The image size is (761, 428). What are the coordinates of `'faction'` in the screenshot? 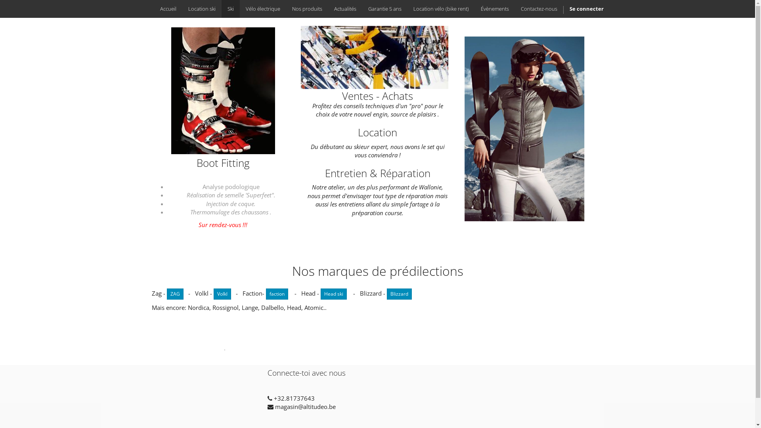 It's located at (276, 294).